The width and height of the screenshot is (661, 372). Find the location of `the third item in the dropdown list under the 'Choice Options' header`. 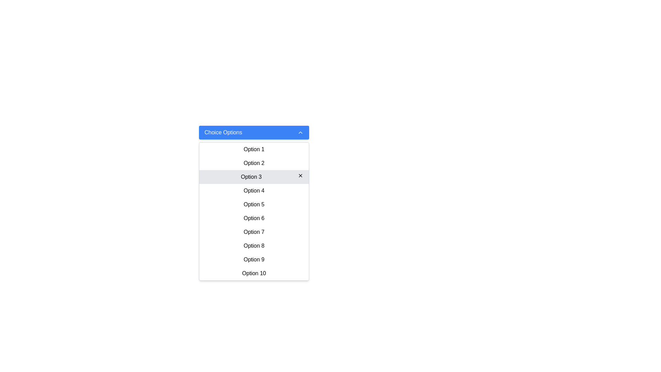

the third item in the dropdown list under the 'Choice Options' header is located at coordinates (254, 176).